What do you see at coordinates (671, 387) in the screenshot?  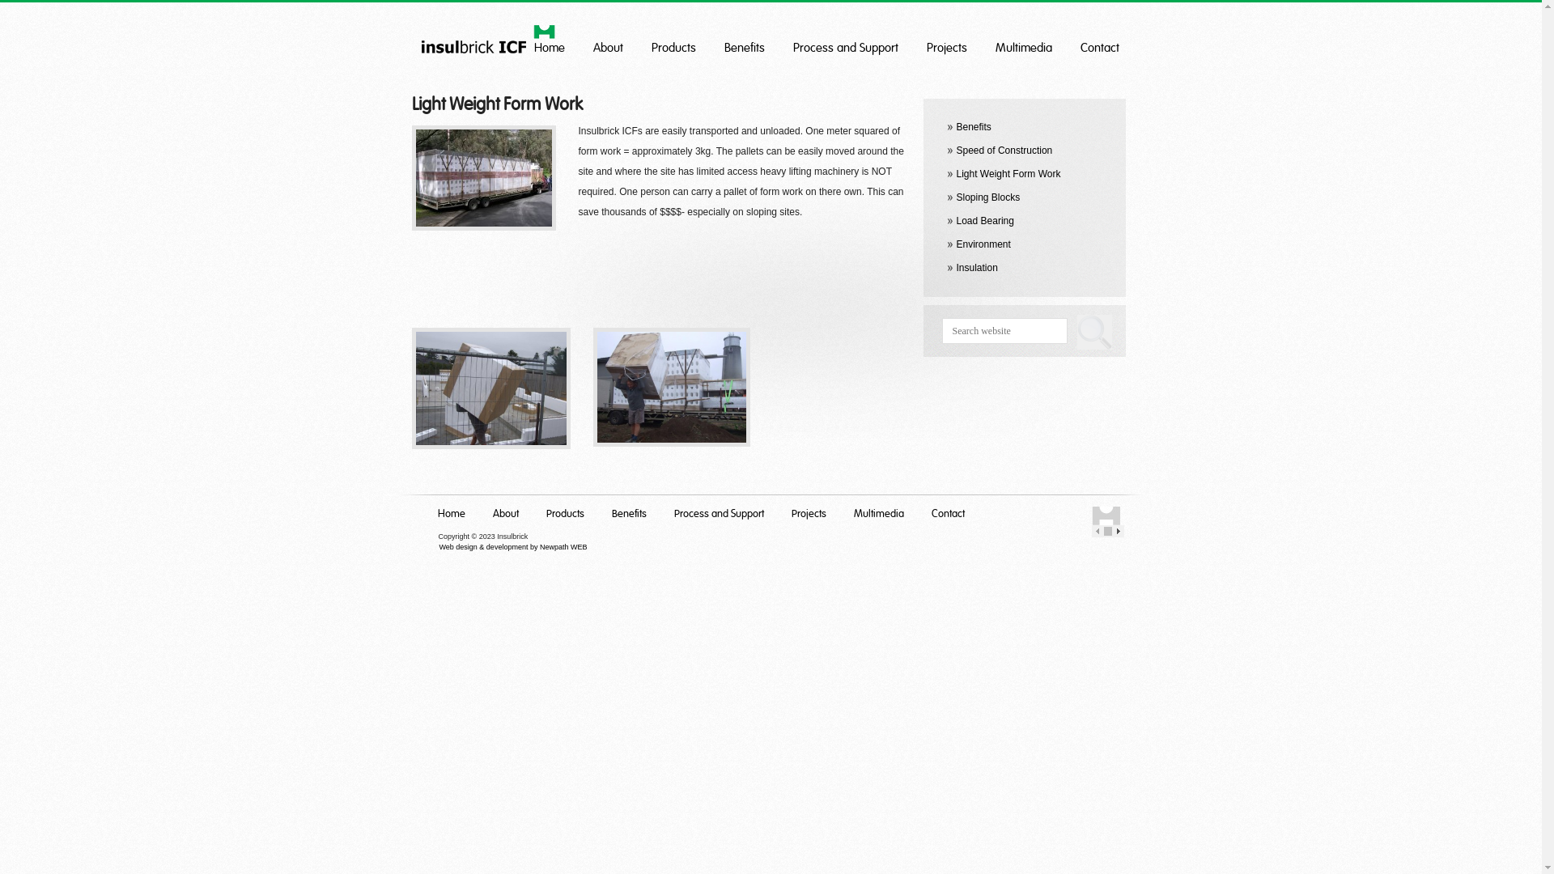 I see `'023'` at bounding box center [671, 387].